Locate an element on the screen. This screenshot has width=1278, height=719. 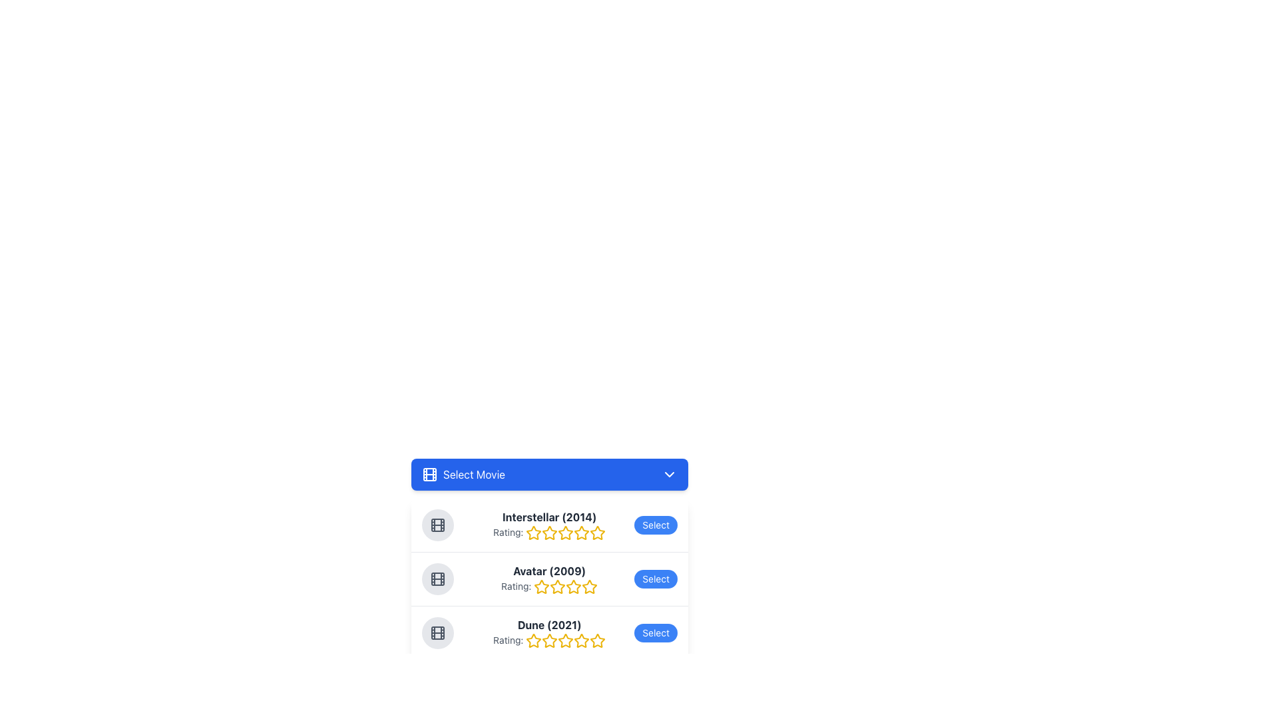
the blue button labeled 'Select' at the rightmost end of the 'Dune (2021)' movie card is located at coordinates (656, 632).